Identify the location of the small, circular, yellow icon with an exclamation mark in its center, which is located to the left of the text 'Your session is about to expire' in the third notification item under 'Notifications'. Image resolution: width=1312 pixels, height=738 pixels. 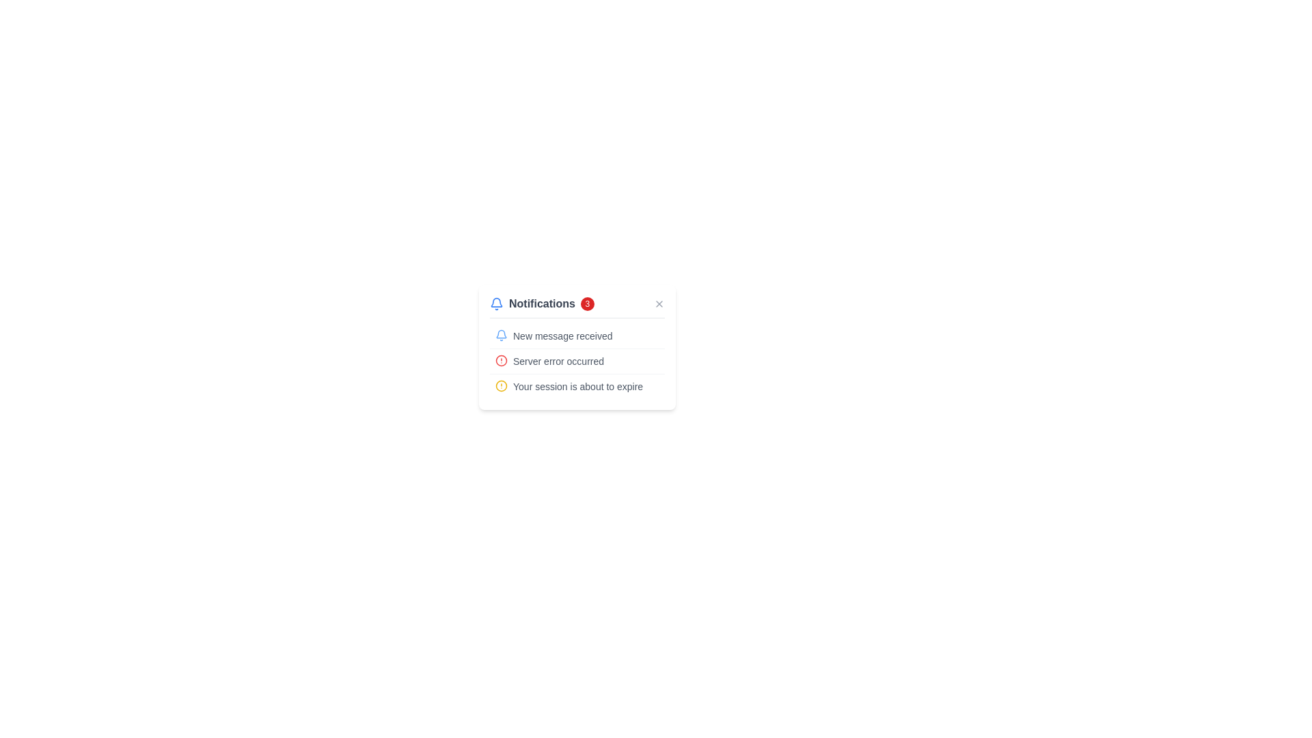
(501, 385).